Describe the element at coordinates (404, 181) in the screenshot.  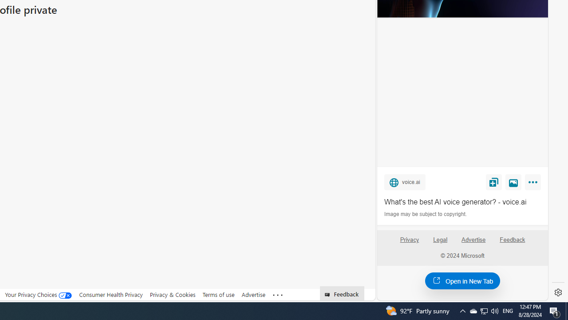
I see `'voice.ai'` at that location.